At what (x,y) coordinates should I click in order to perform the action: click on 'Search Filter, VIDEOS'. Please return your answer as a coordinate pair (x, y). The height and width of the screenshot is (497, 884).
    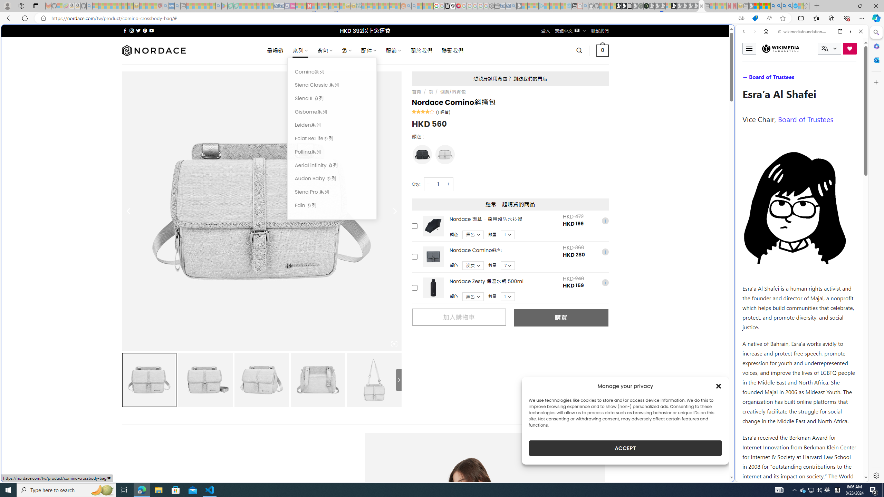
    Looking at the image, I should click on (789, 78).